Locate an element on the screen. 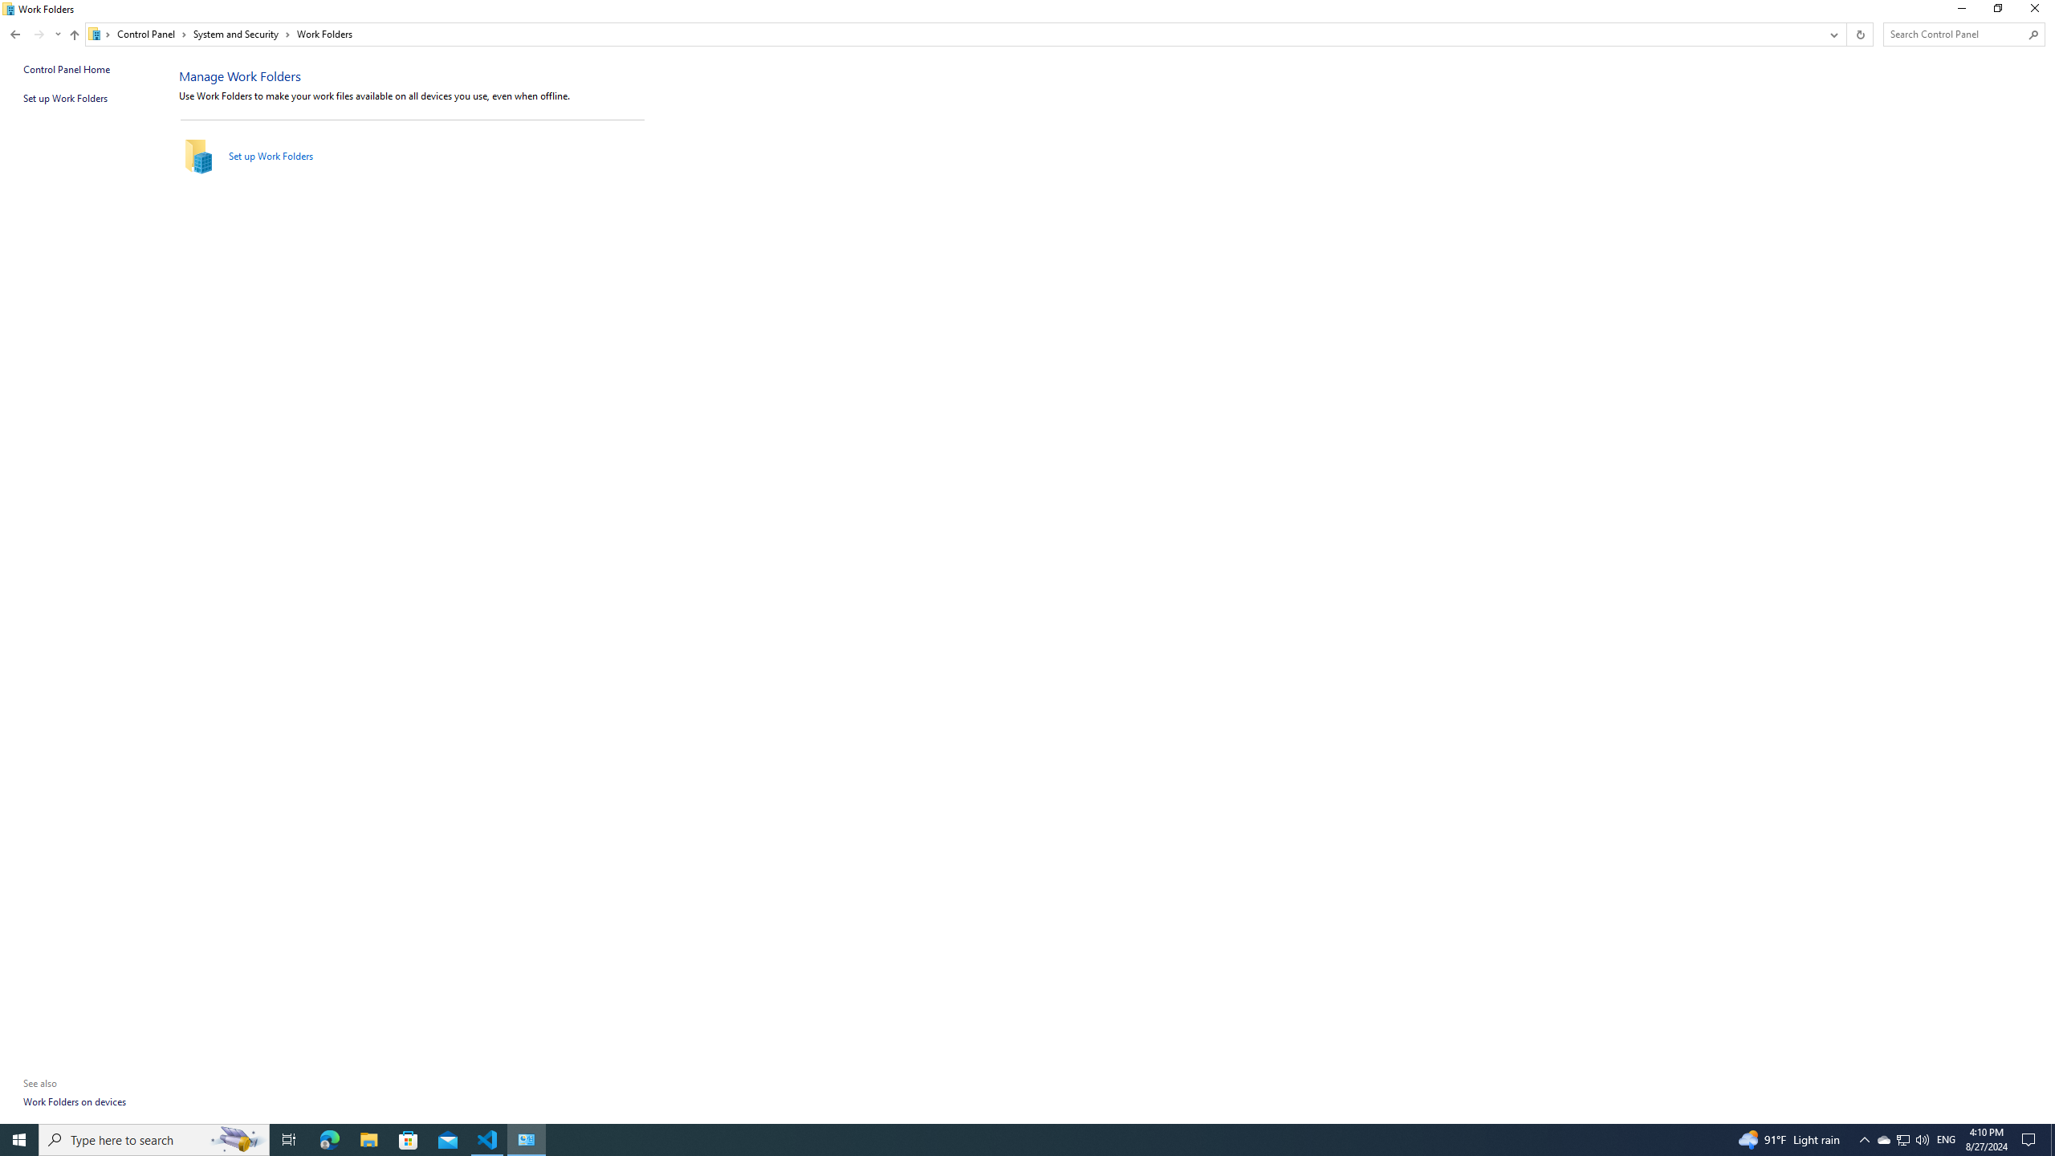 This screenshot has height=1156, width=2055. 'All locations' is located at coordinates (99, 34).